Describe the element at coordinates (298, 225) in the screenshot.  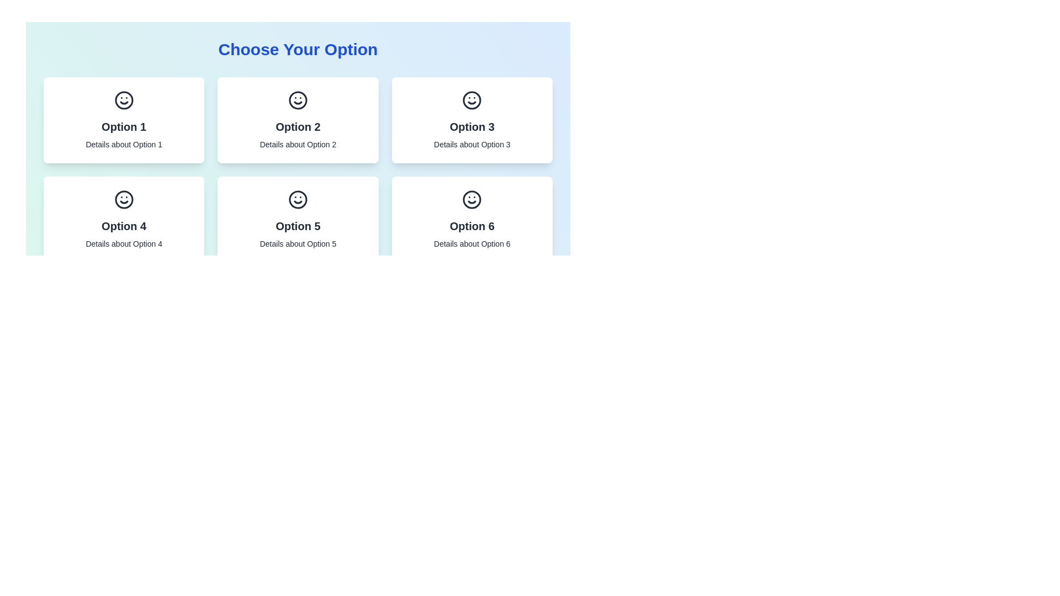
I see `the text label indicating 'Option 5' which is located in the center column of the second row, above the smaller text 'Details about Option 5'` at that location.